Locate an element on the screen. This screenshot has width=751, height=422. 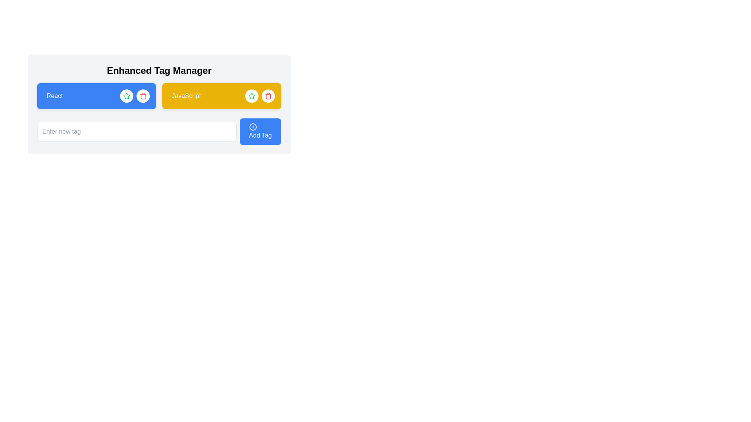
the trash icon button, which is a red trash icon located within the yellow 'JavaScript' button, positioned towards the rightmost end adjacent to the green star icon is located at coordinates (268, 96).